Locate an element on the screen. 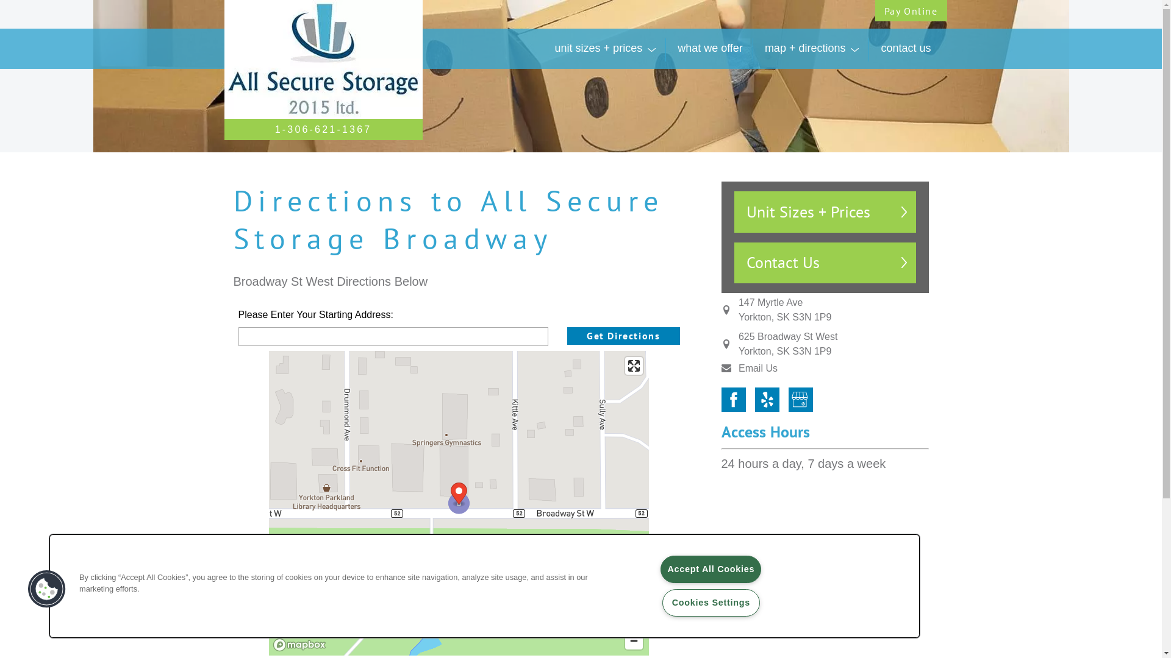 Image resolution: width=1171 pixels, height=658 pixels. 'Cookies Button' is located at coordinates (46, 589).